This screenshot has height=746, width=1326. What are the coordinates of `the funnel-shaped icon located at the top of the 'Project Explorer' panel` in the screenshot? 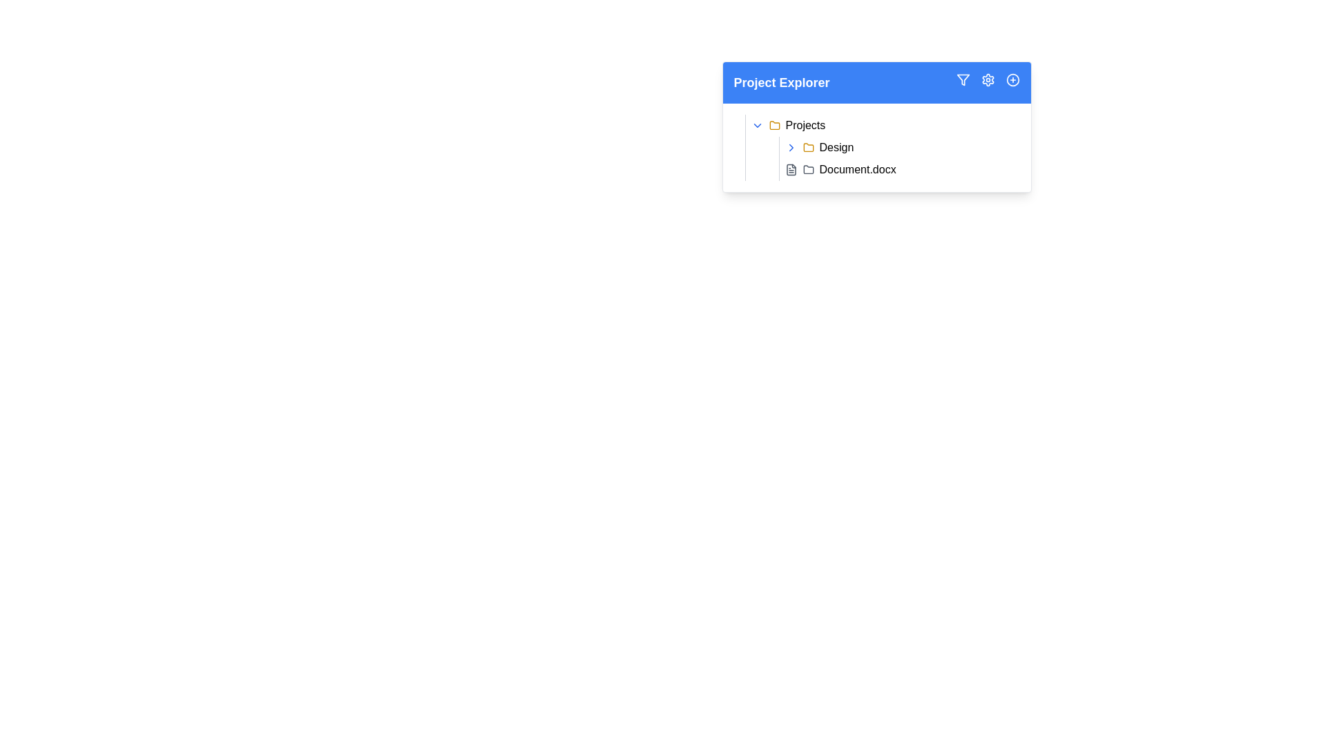 It's located at (962, 79).